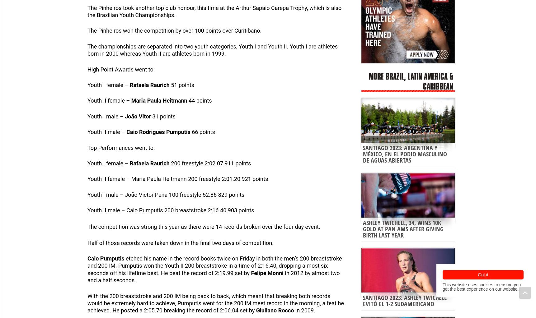  What do you see at coordinates (169, 85) in the screenshot?
I see `'51 points'` at bounding box center [169, 85].